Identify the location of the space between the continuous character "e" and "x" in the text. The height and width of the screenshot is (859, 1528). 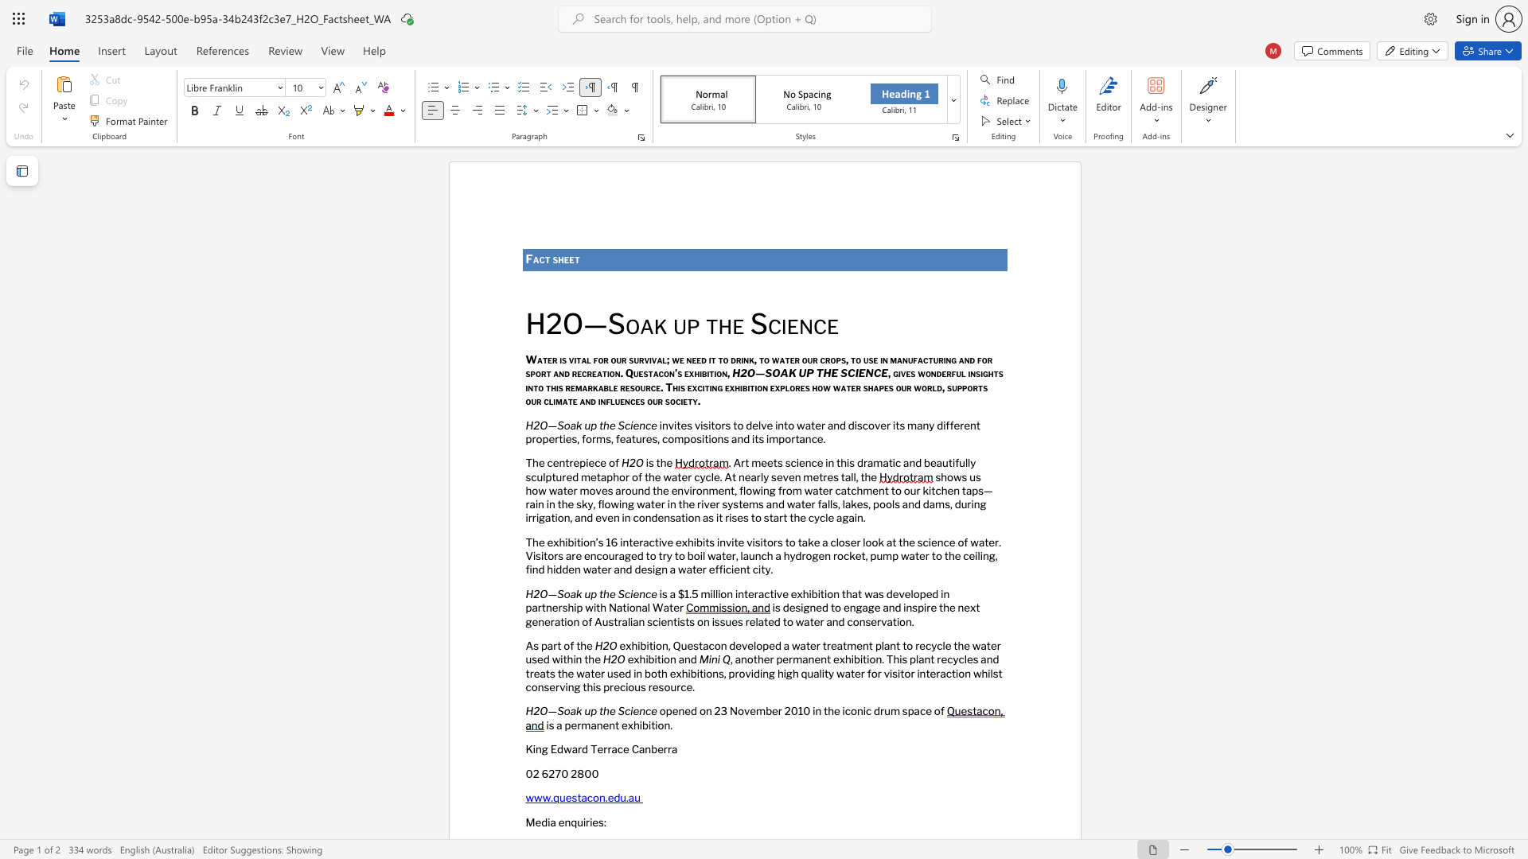
(626, 725).